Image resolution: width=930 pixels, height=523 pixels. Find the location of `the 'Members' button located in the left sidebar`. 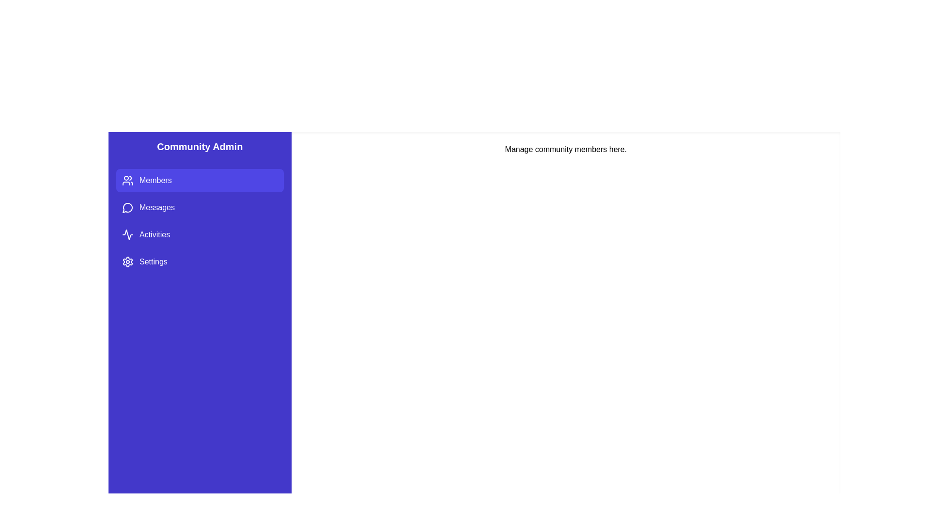

the 'Members' button located in the left sidebar is located at coordinates (199, 181).